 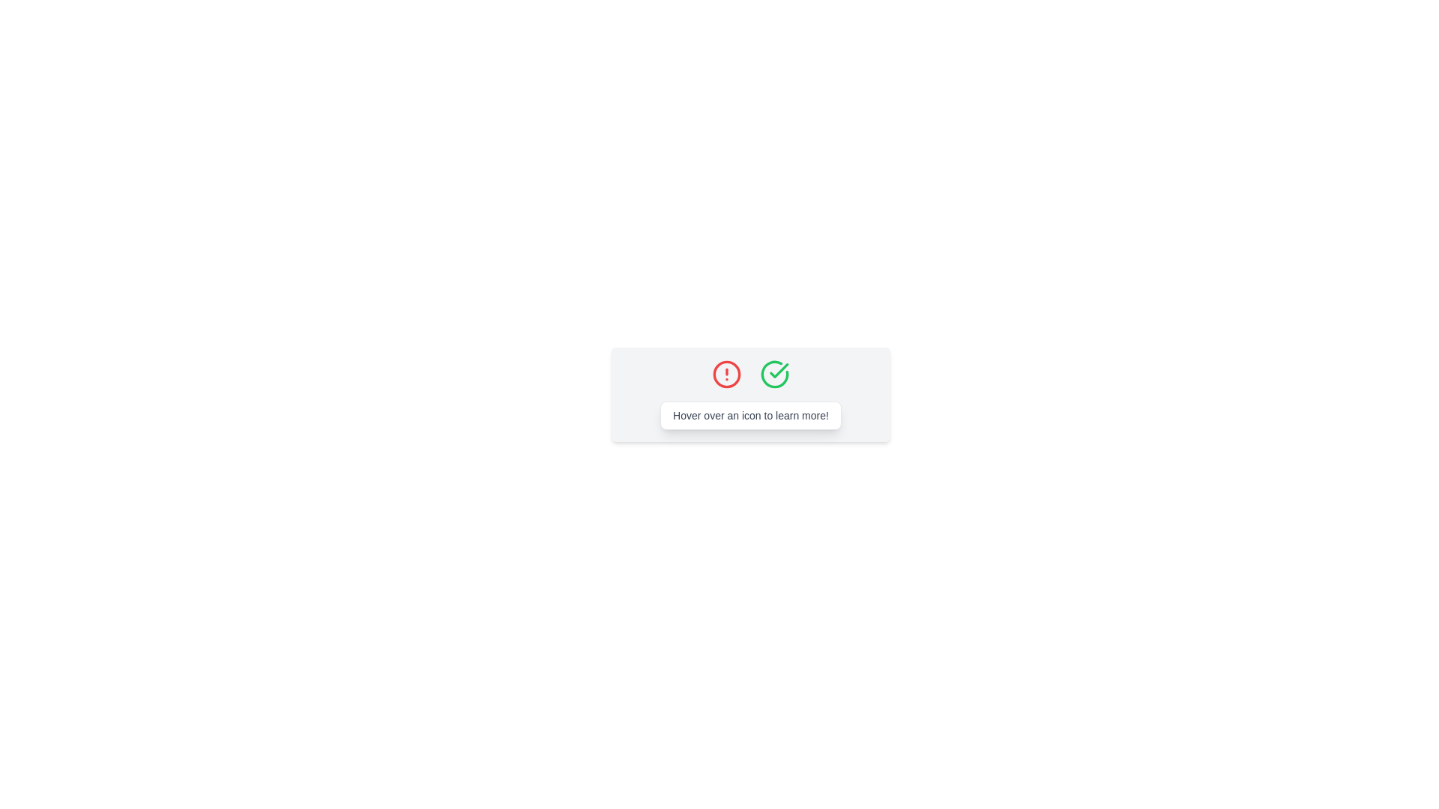 What do you see at coordinates (726, 374) in the screenshot?
I see `the central circular part of the alert icon located on the left of a pair of icons in a horizontal layout` at bounding box center [726, 374].